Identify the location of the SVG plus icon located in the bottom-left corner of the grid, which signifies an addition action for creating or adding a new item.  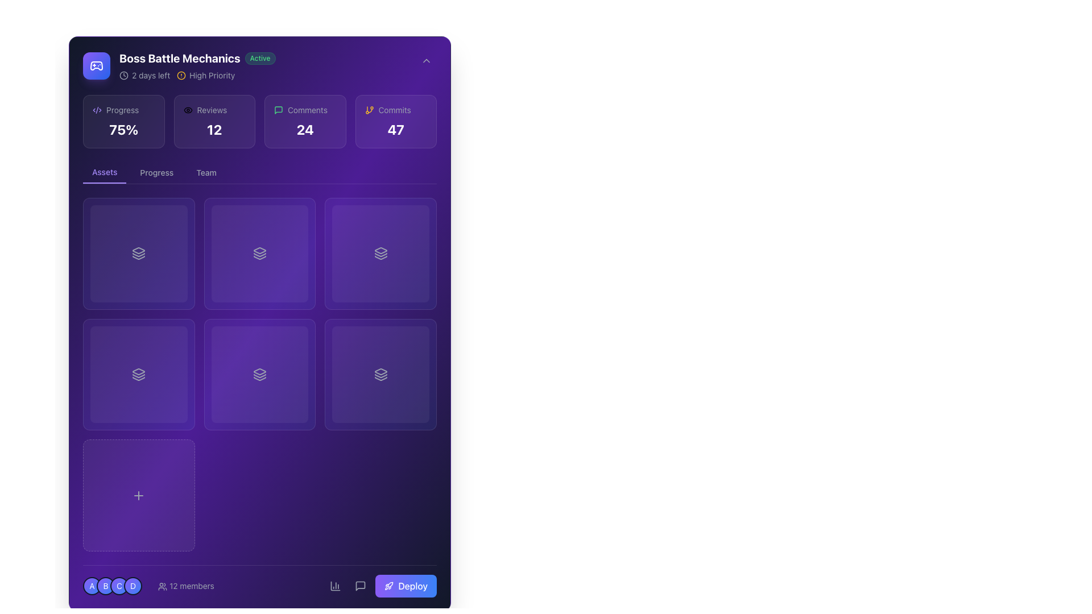
(138, 495).